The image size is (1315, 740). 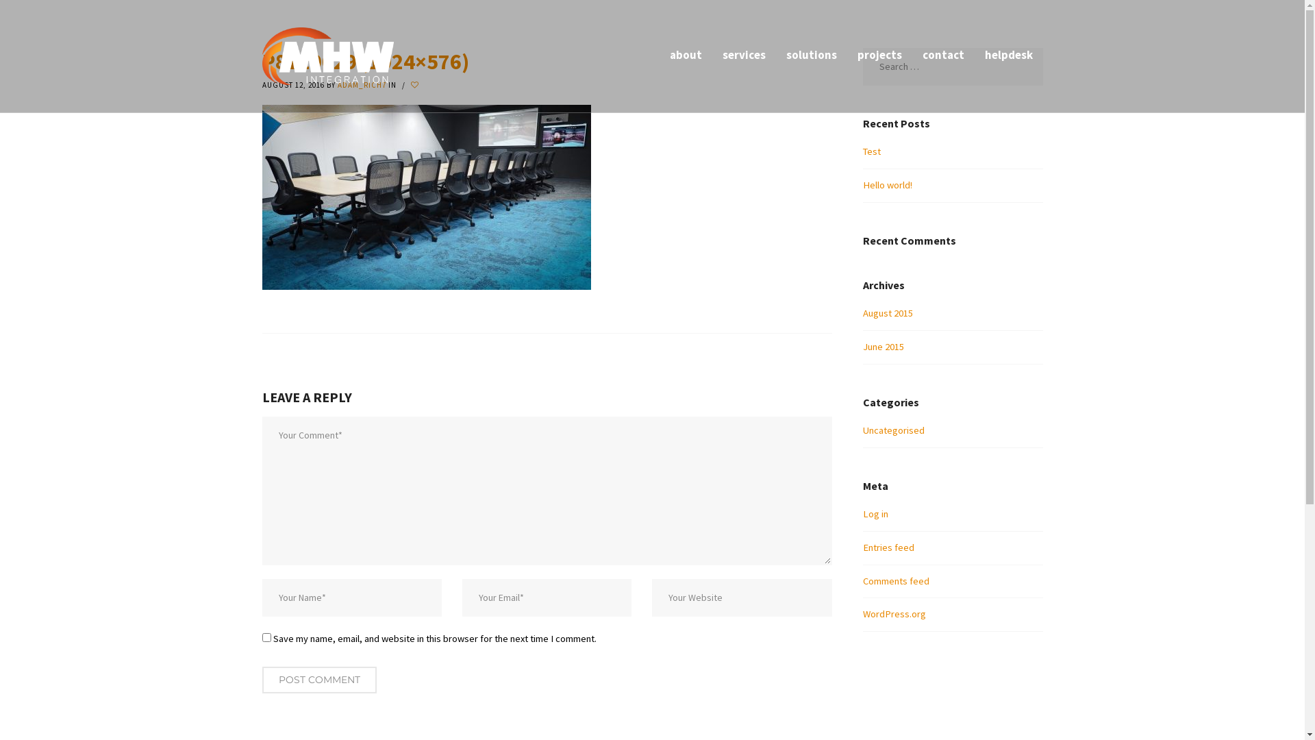 What do you see at coordinates (743, 55) in the screenshot?
I see `'services'` at bounding box center [743, 55].